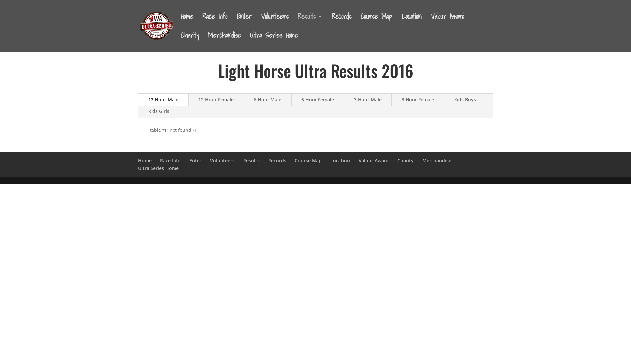  Describe the element at coordinates (340, 160) in the screenshot. I see `'Location'` at that location.